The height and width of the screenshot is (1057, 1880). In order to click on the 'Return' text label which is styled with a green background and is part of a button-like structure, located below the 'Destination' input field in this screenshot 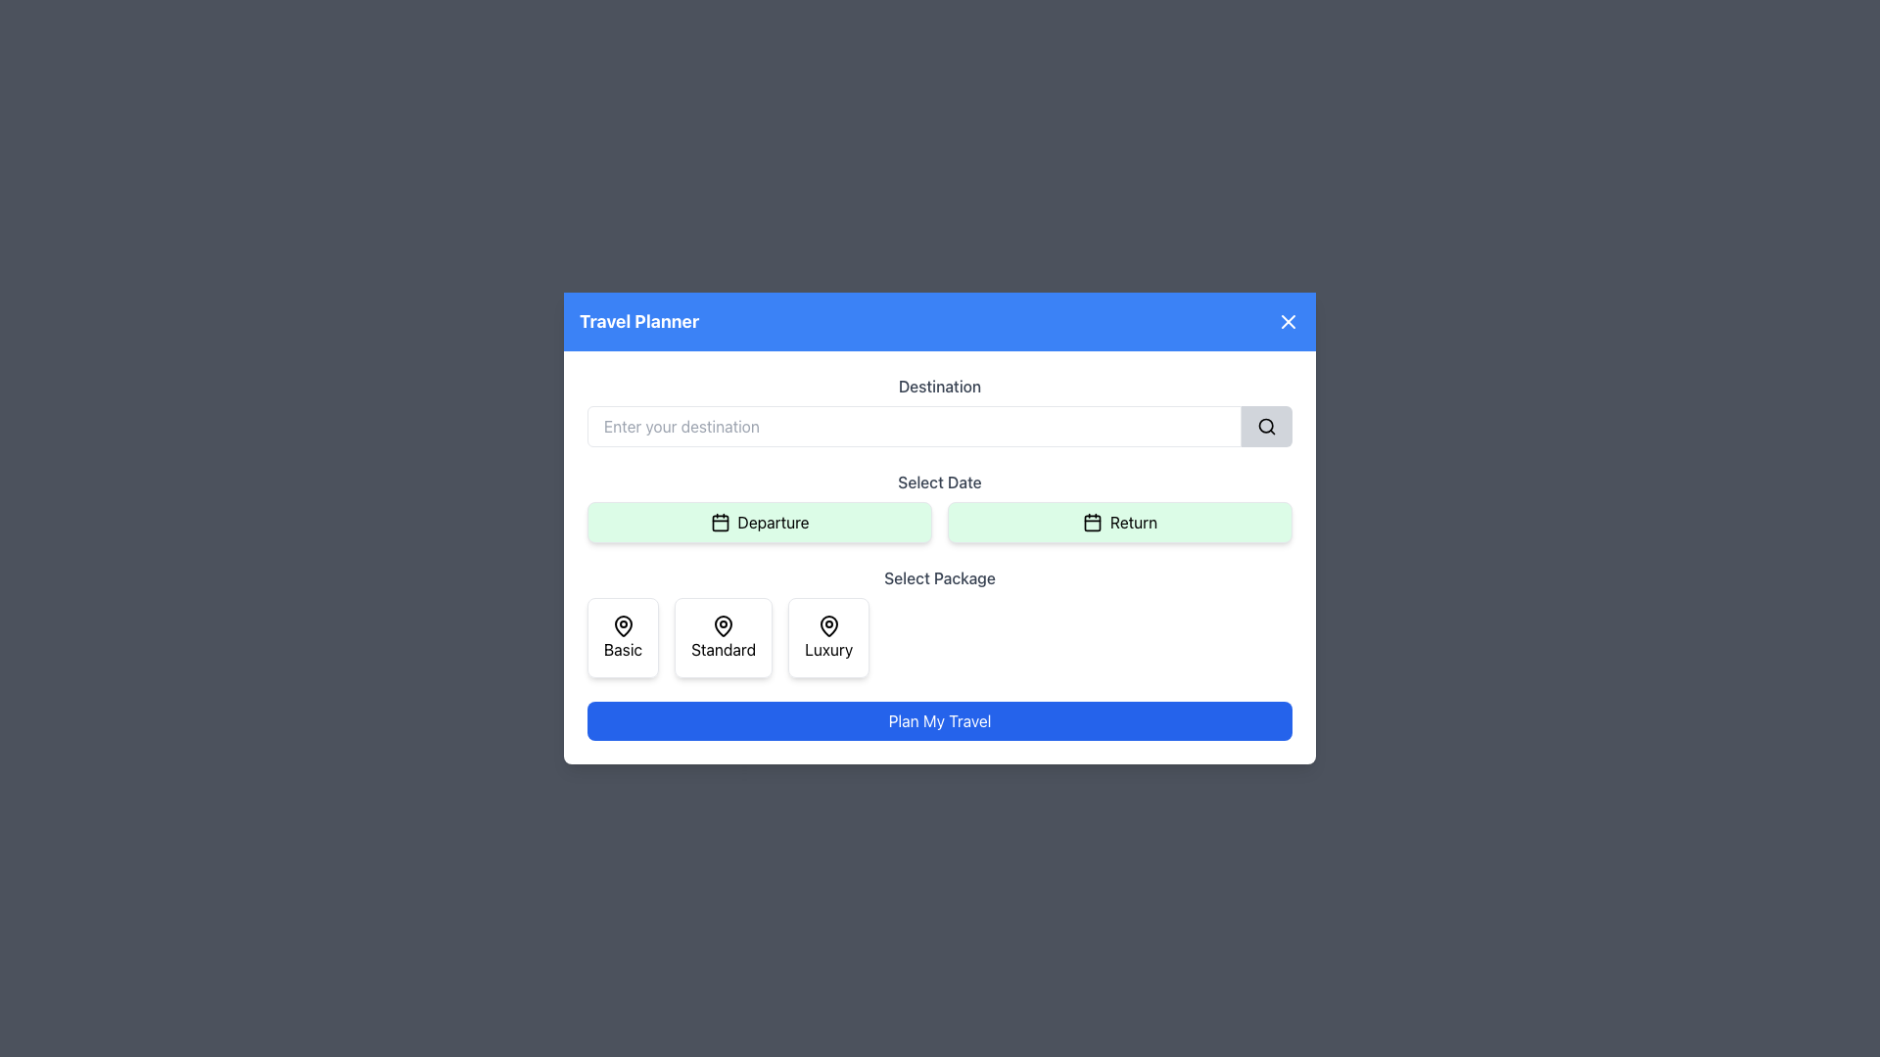, I will do `click(1133, 521)`.